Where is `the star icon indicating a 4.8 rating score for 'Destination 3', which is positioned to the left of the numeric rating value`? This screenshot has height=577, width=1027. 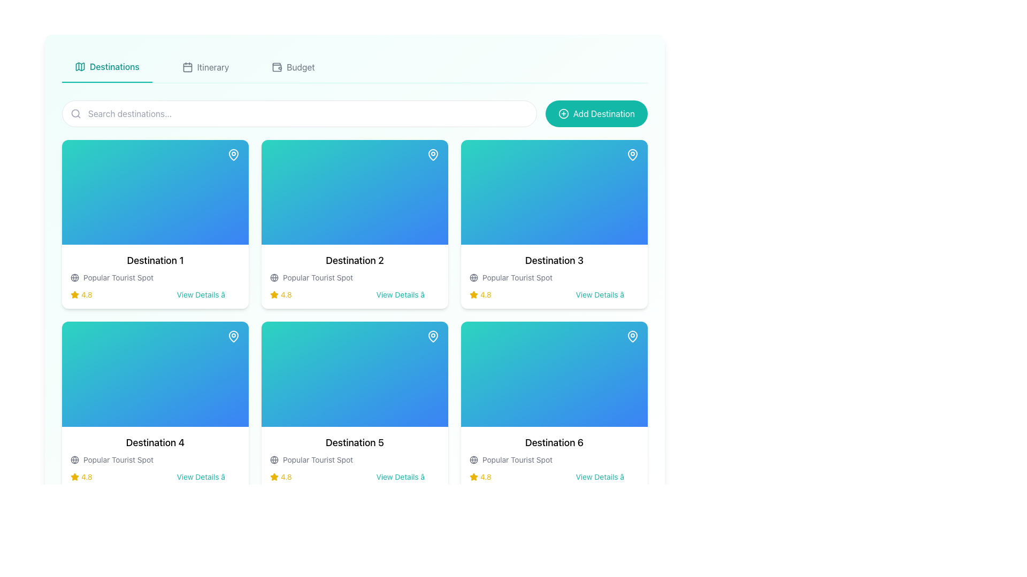
the star icon indicating a 4.8 rating score for 'Destination 3', which is positioned to the left of the numeric rating value is located at coordinates (473, 294).